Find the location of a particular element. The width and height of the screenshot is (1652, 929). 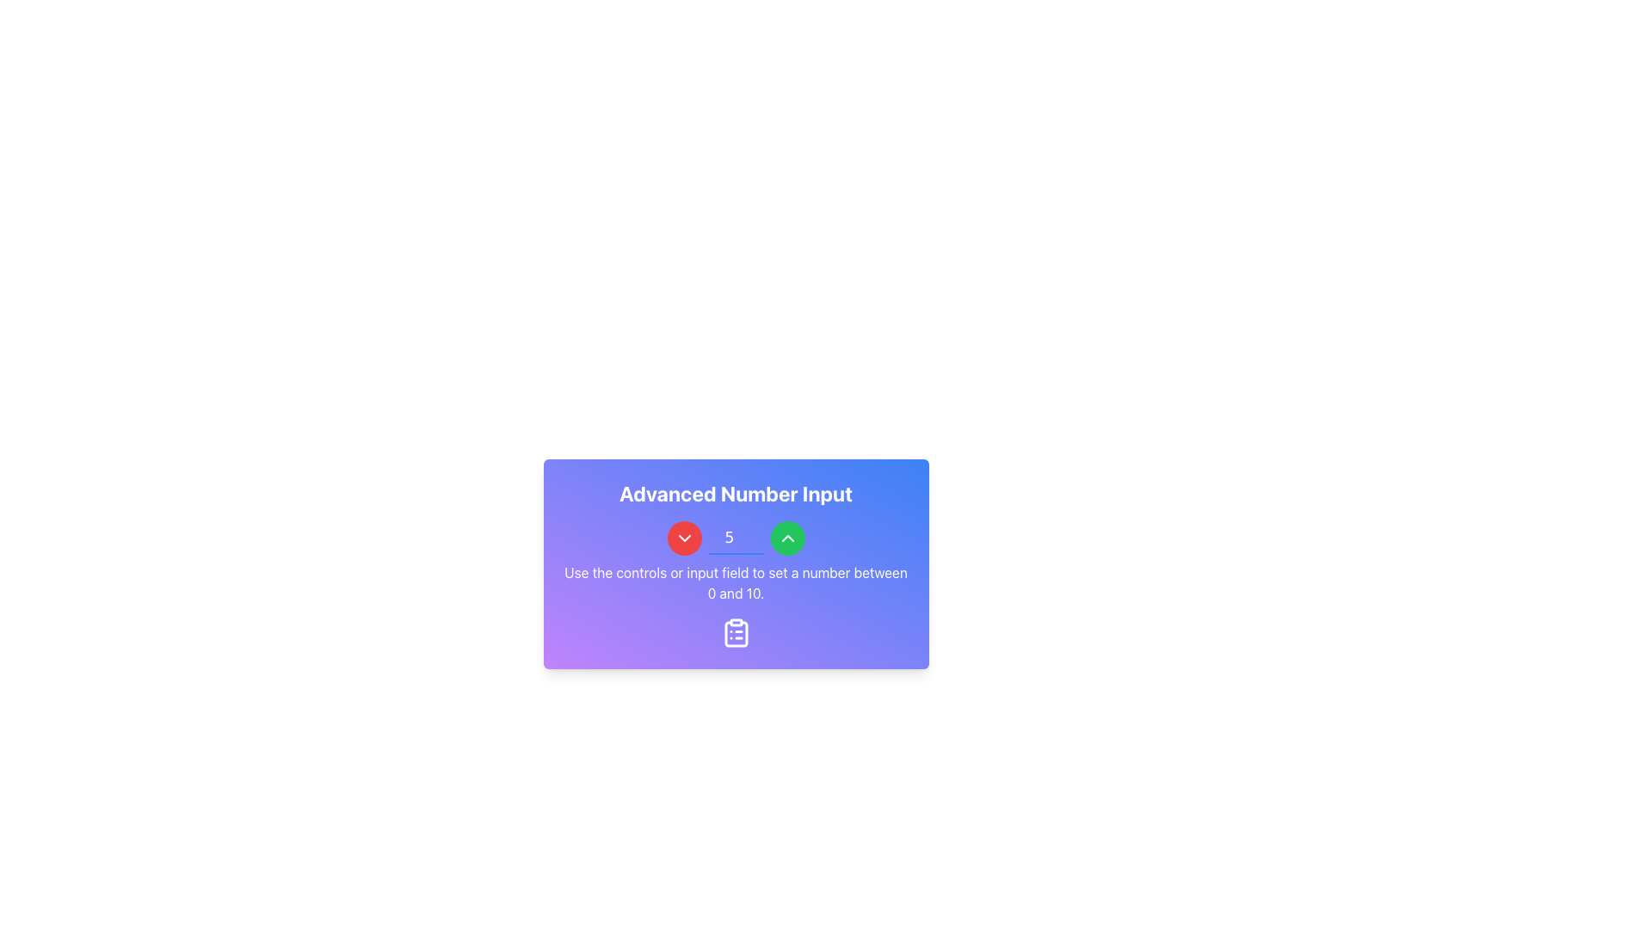

the increment button located to the right of the numeric input field, which is centered next to a red circular button with a downward chevron is located at coordinates (786, 537).